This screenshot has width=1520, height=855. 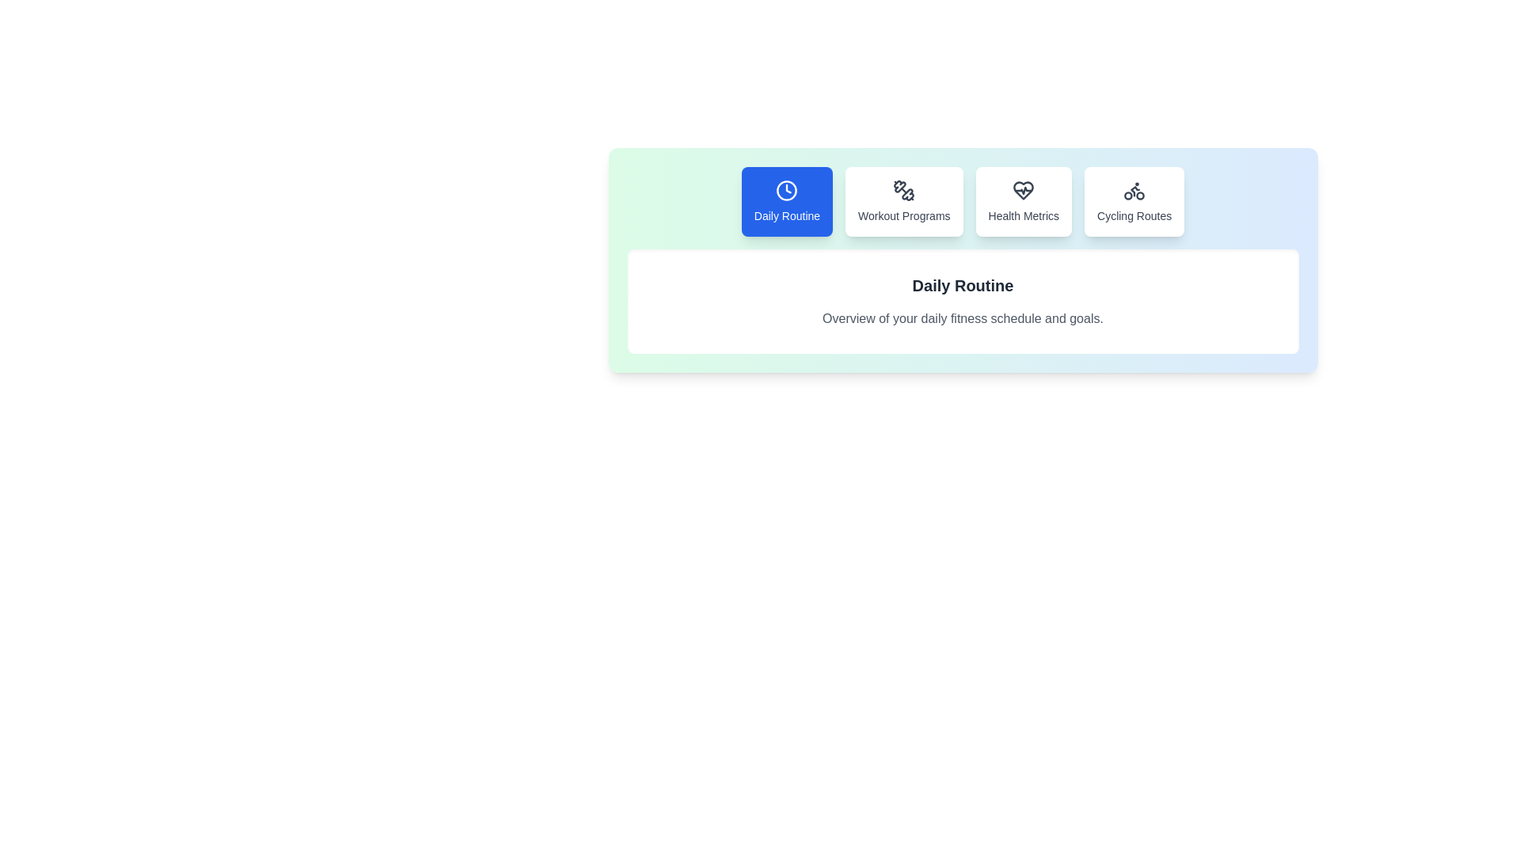 I want to click on the Cycling Routes tab by clicking on its corresponding button, so click(x=1134, y=200).